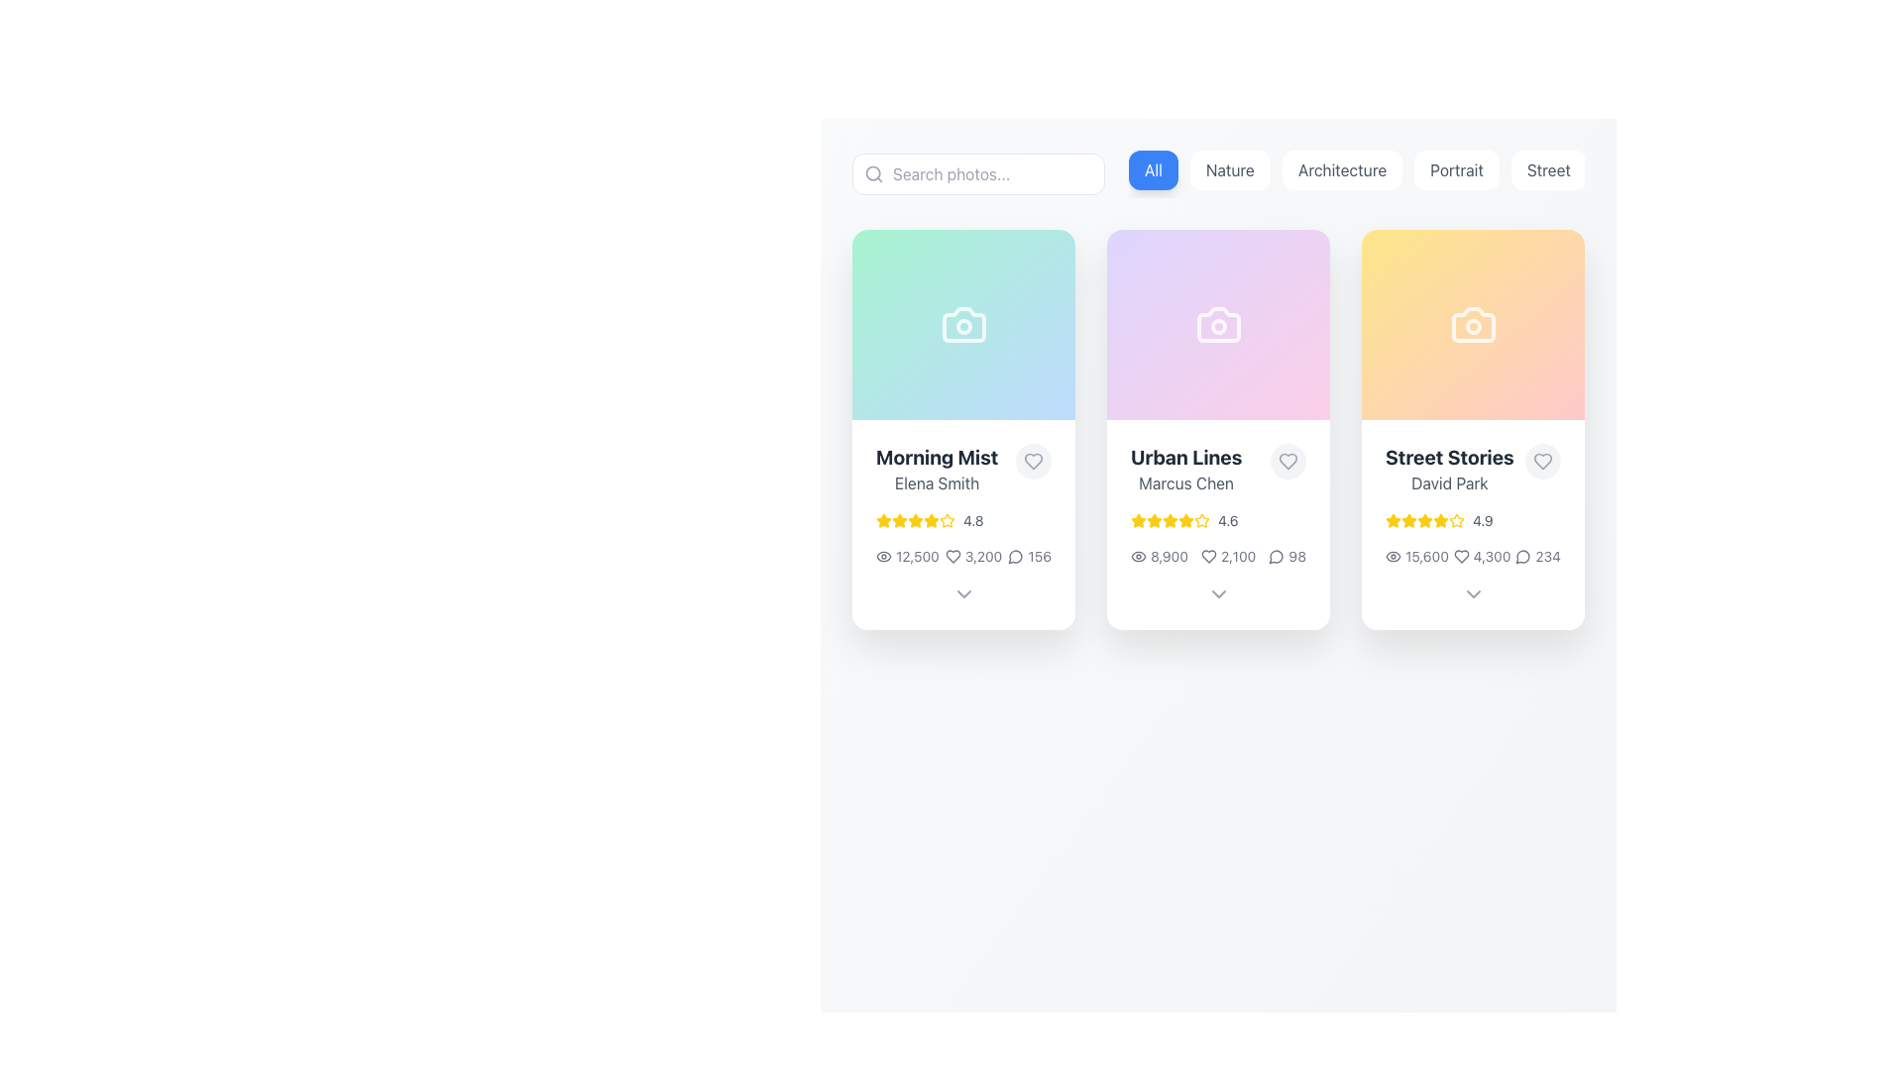 Image resolution: width=1903 pixels, height=1070 pixels. Describe the element at coordinates (883, 519) in the screenshot. I see `the first star icon in the 'Morning Mist' card, which represents a rating in the rating system` at that location.